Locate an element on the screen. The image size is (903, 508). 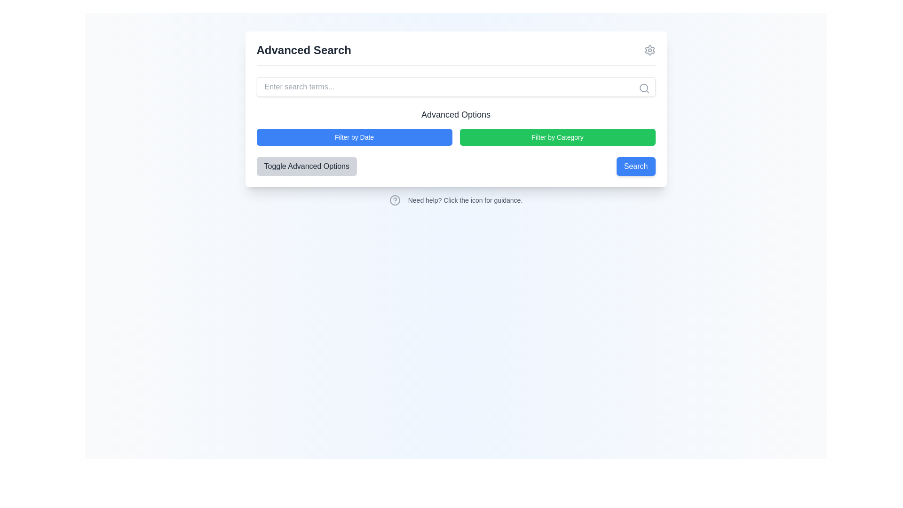
the filter button located under the 'Advanced Options' heading, which filters search results based on a date criterion is located at coordinates (354, 137).